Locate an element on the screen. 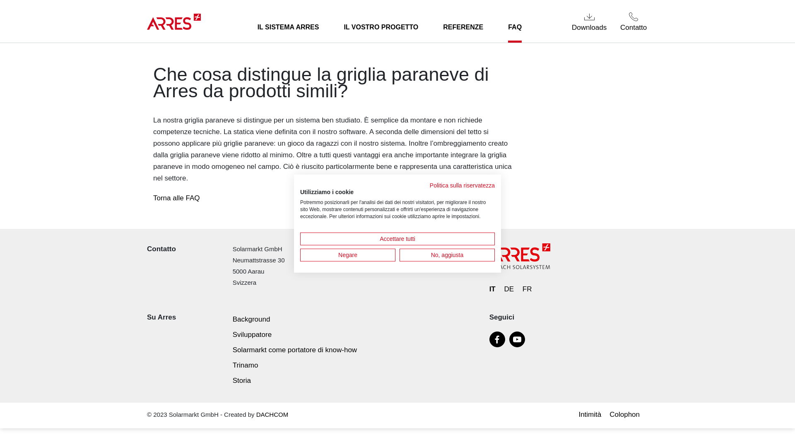 The width and height of the screenshot is (795, 447). 'DE' is located at coordinates (503, 288).